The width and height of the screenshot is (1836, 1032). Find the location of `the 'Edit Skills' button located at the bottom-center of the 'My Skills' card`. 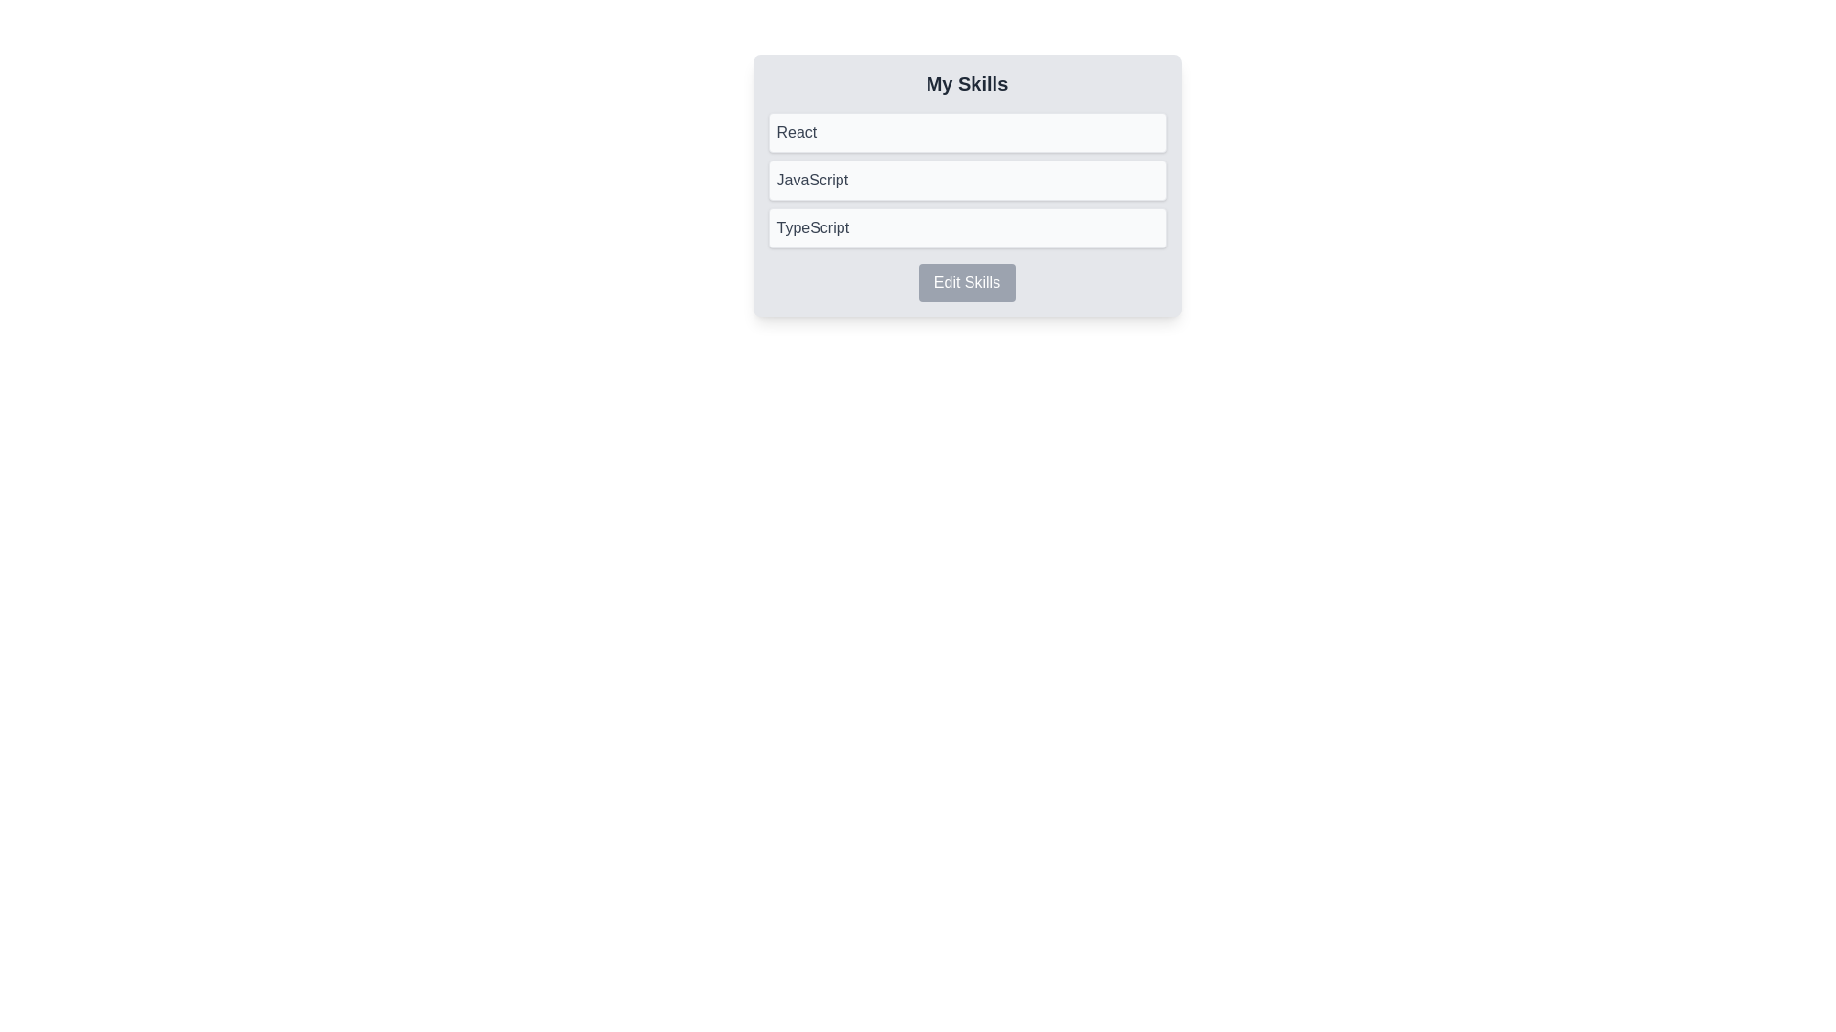

the 'Edit Skills' button located at the bottom-center of the 'My Skills' card is located at coordinates (967, 283).